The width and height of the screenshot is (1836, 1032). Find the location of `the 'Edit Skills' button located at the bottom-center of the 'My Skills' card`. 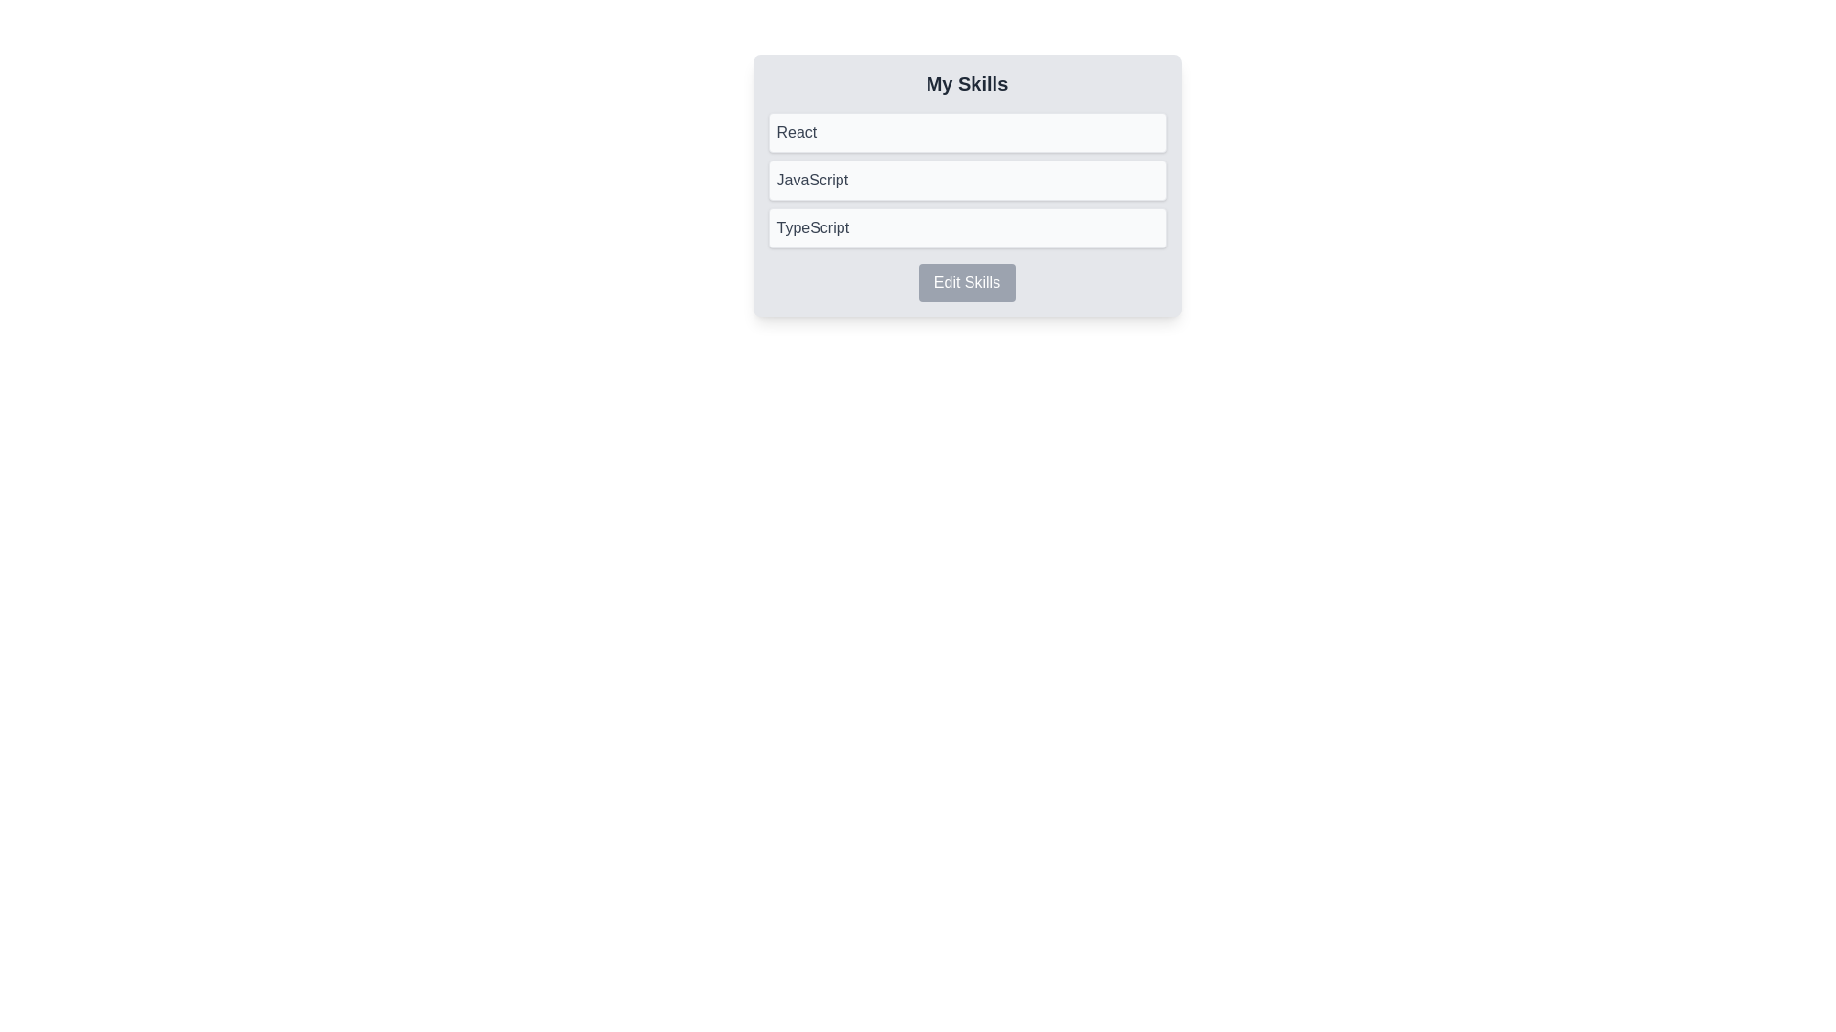

the 'Edit Skills' button located at the bottom-center of the 'My Skills' card is located at coordinates (967, 283).